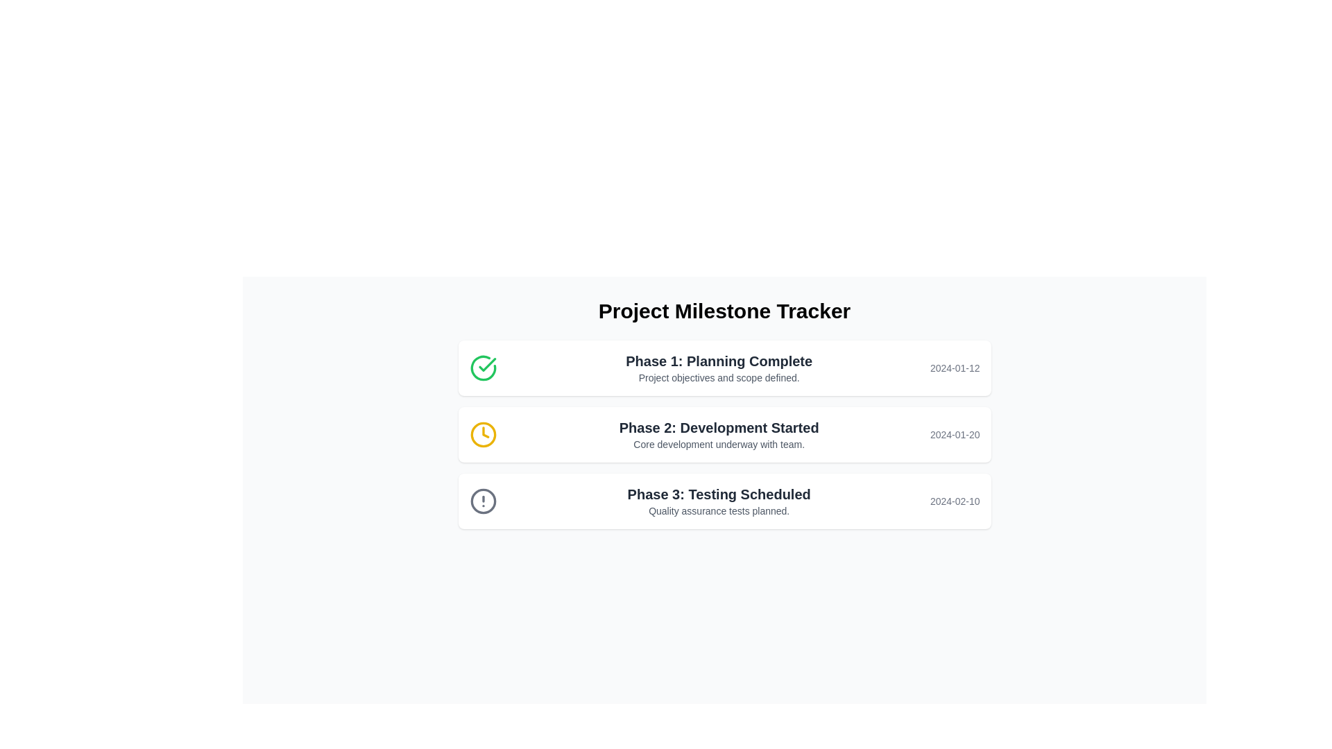 The image size is (1332, 749). I want to click on date displayed in the static text label showing '2024-01-20', which is the third date in the right column of the milestone tracker, so click(954, 434).